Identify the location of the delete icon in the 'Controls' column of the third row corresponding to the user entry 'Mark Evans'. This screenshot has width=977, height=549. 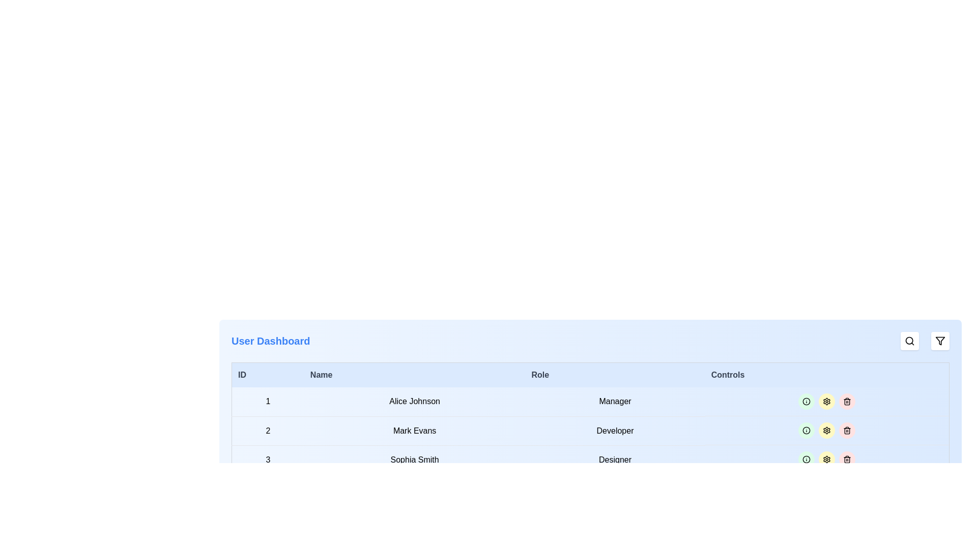
(847, 431).